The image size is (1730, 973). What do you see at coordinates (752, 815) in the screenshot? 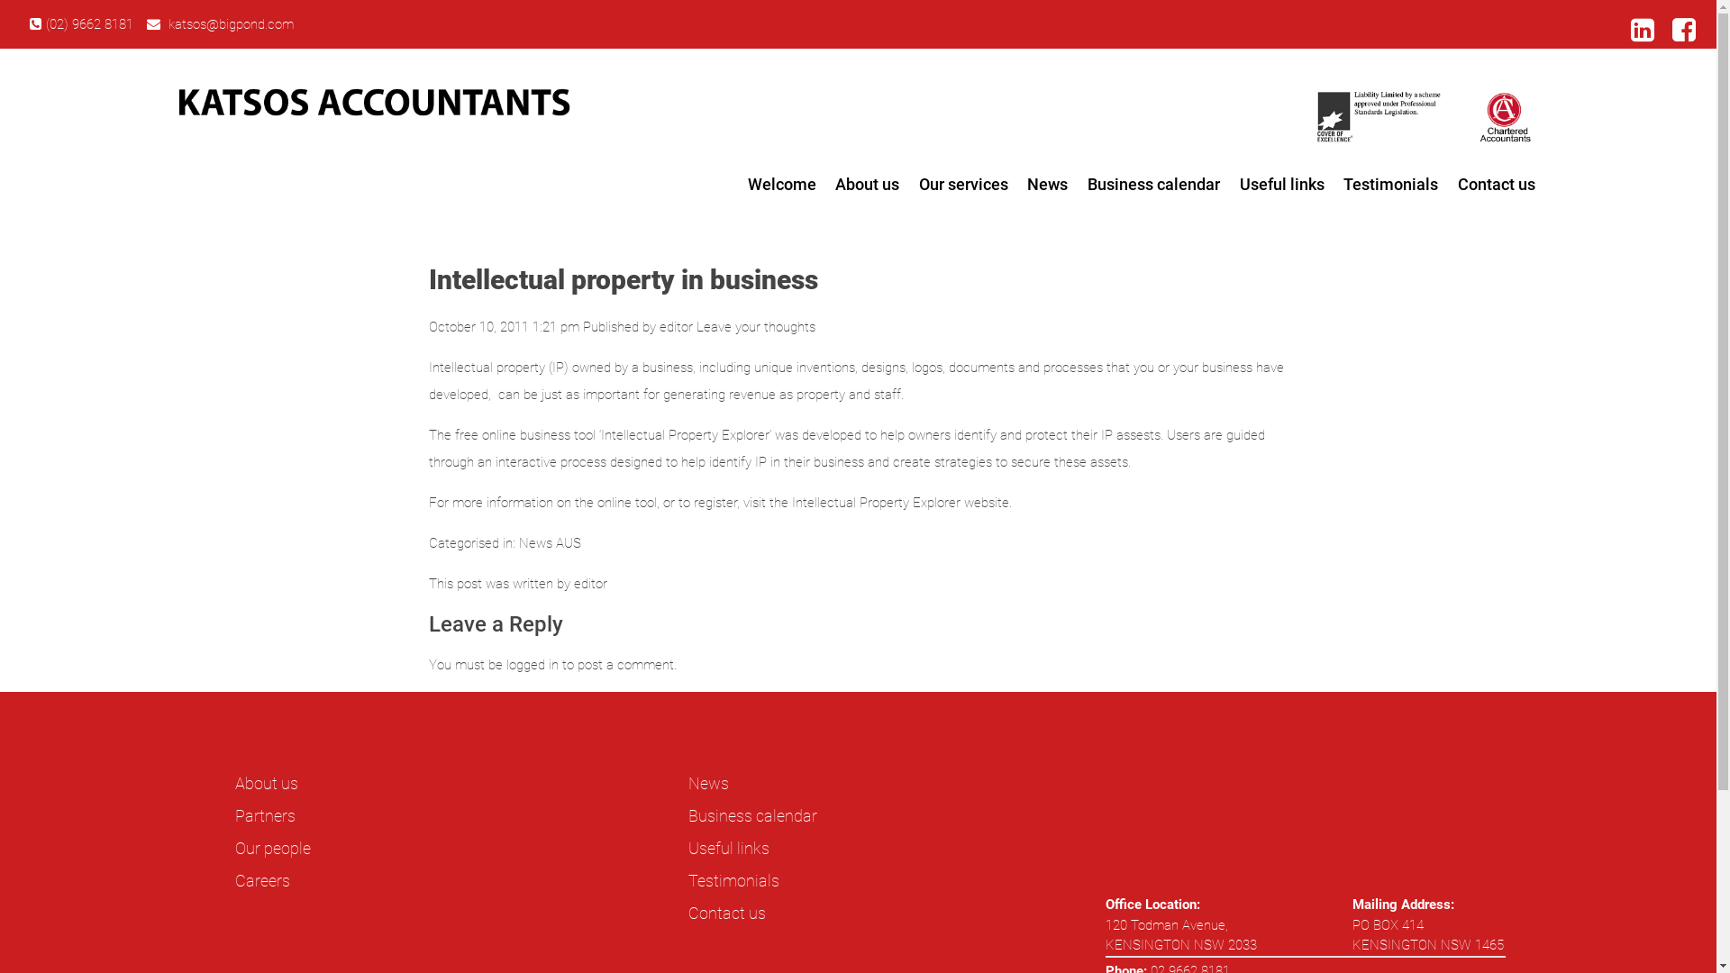
I see `'Business calendar'` at bounding box center [752, 815].